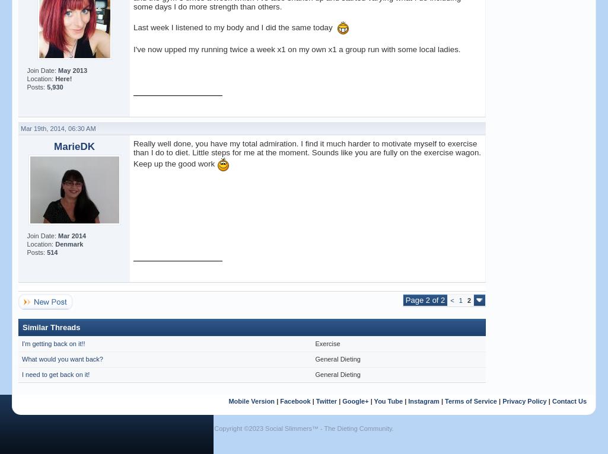  What do you see at coordinates (74, 146) in the screenshot?
I see `'MarieDK'` at bounding box center [74, 146].